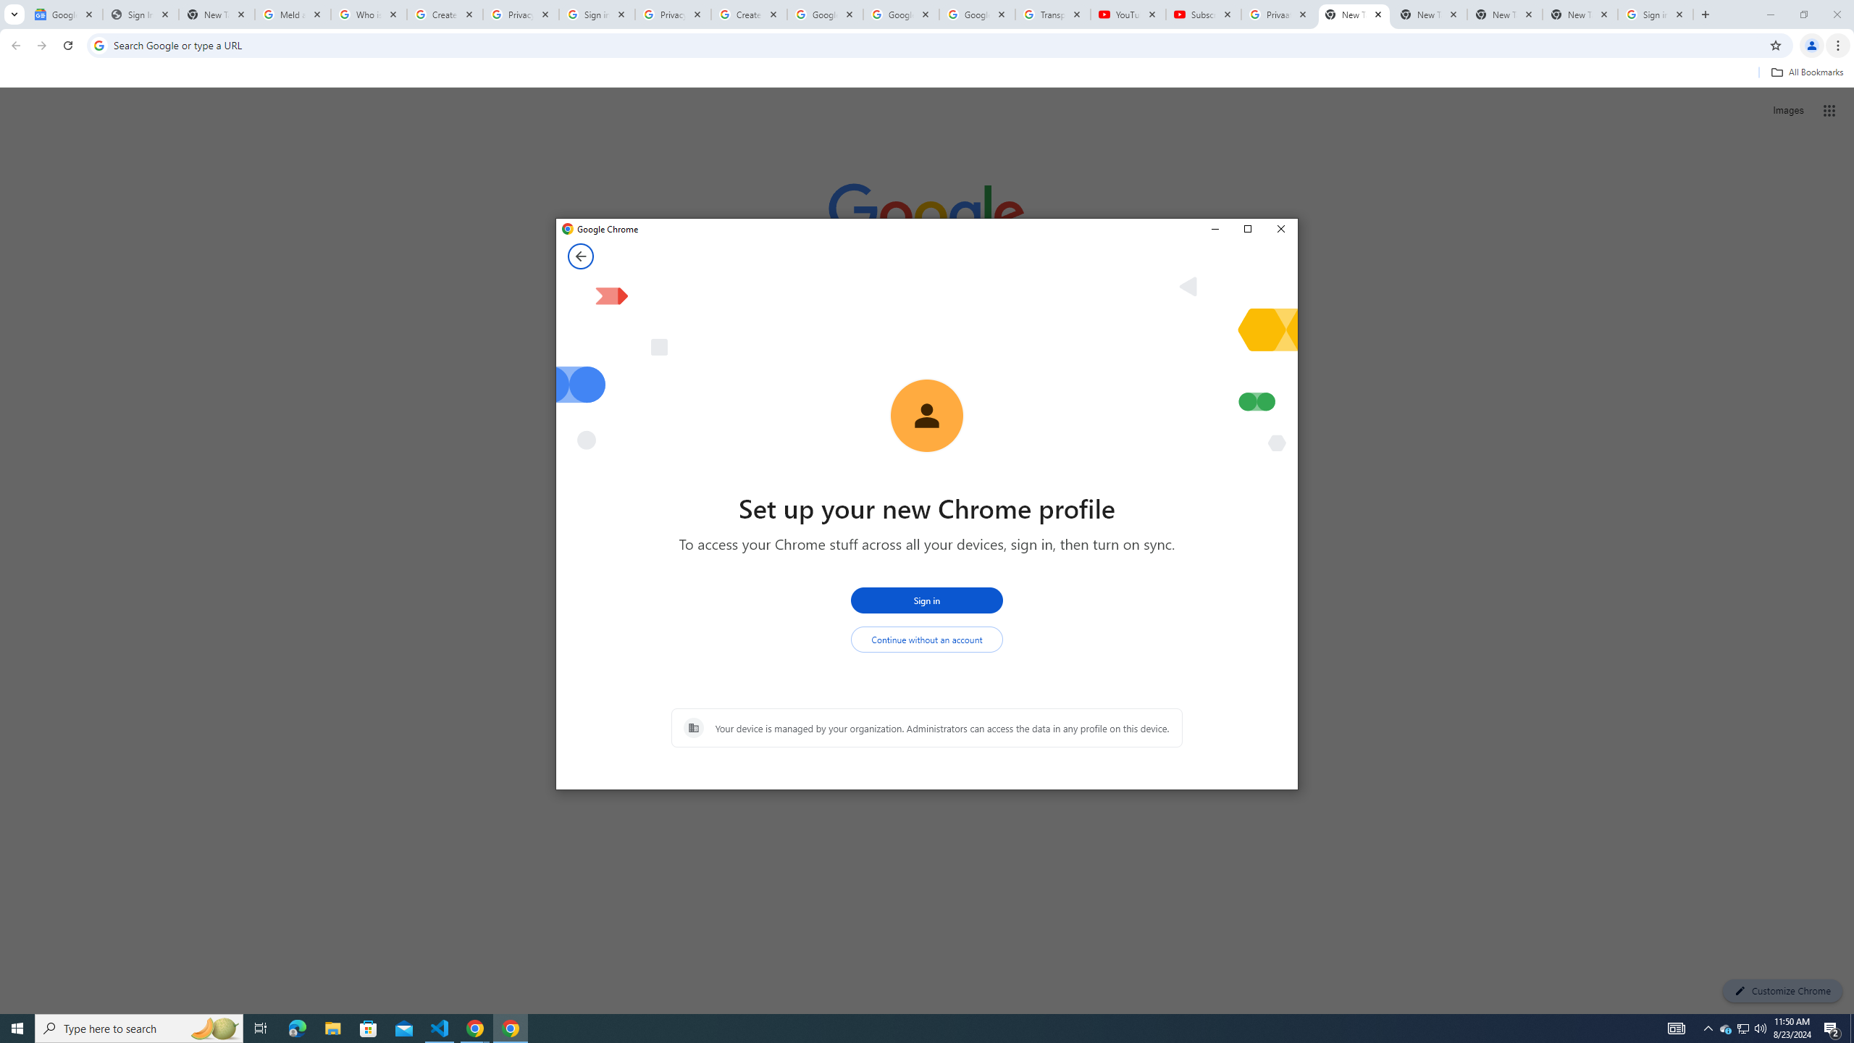 This screenshot has width=1854, height=1043. What do you see at coordinates (332, 1027) in the screenshot?
I see `'File Explorer'` at bounding box center [332, 1027].